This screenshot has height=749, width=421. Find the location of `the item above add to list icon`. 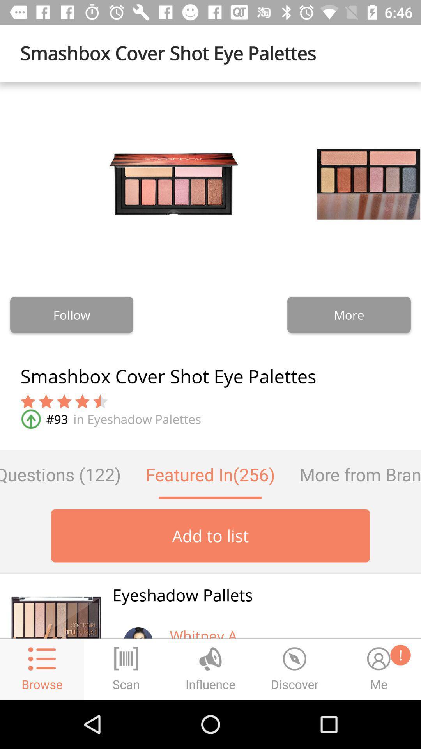

the item above add to list icon is located at coordinates (66, 474).